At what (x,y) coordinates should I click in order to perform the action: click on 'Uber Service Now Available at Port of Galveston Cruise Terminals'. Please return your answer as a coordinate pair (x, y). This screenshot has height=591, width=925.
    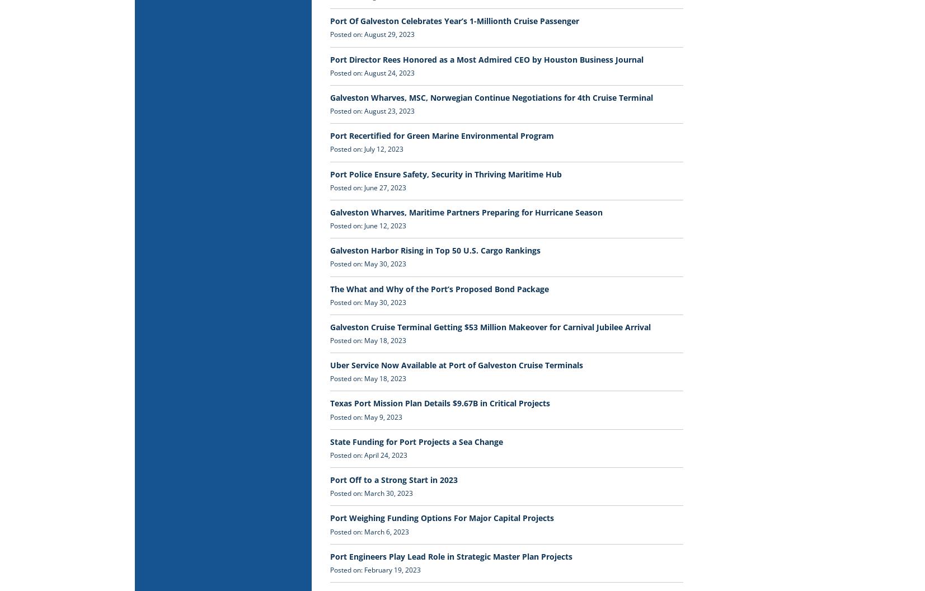
    Looking at the image, I should click on (456, 364).